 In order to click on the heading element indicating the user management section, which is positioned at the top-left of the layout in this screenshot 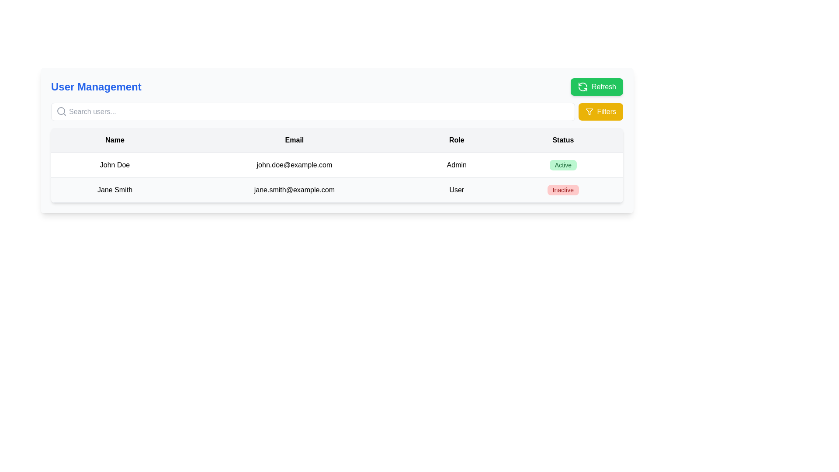, I will do `click(96, 87)`.